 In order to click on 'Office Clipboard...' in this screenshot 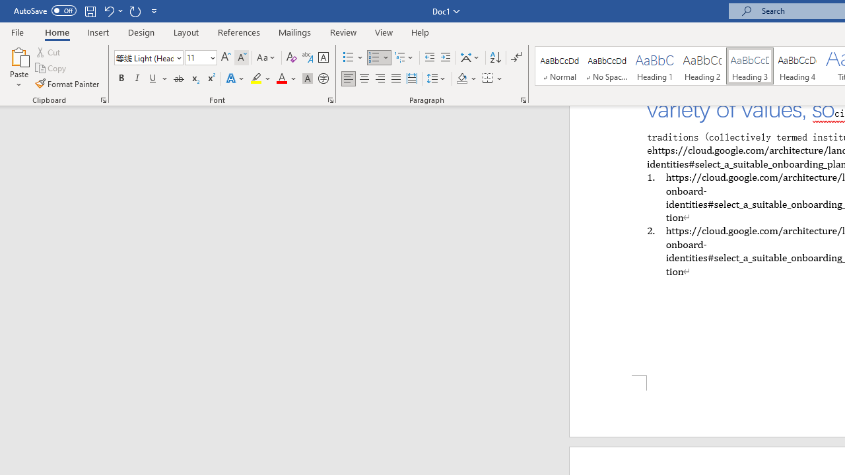, I will do `click(102, 99)`.